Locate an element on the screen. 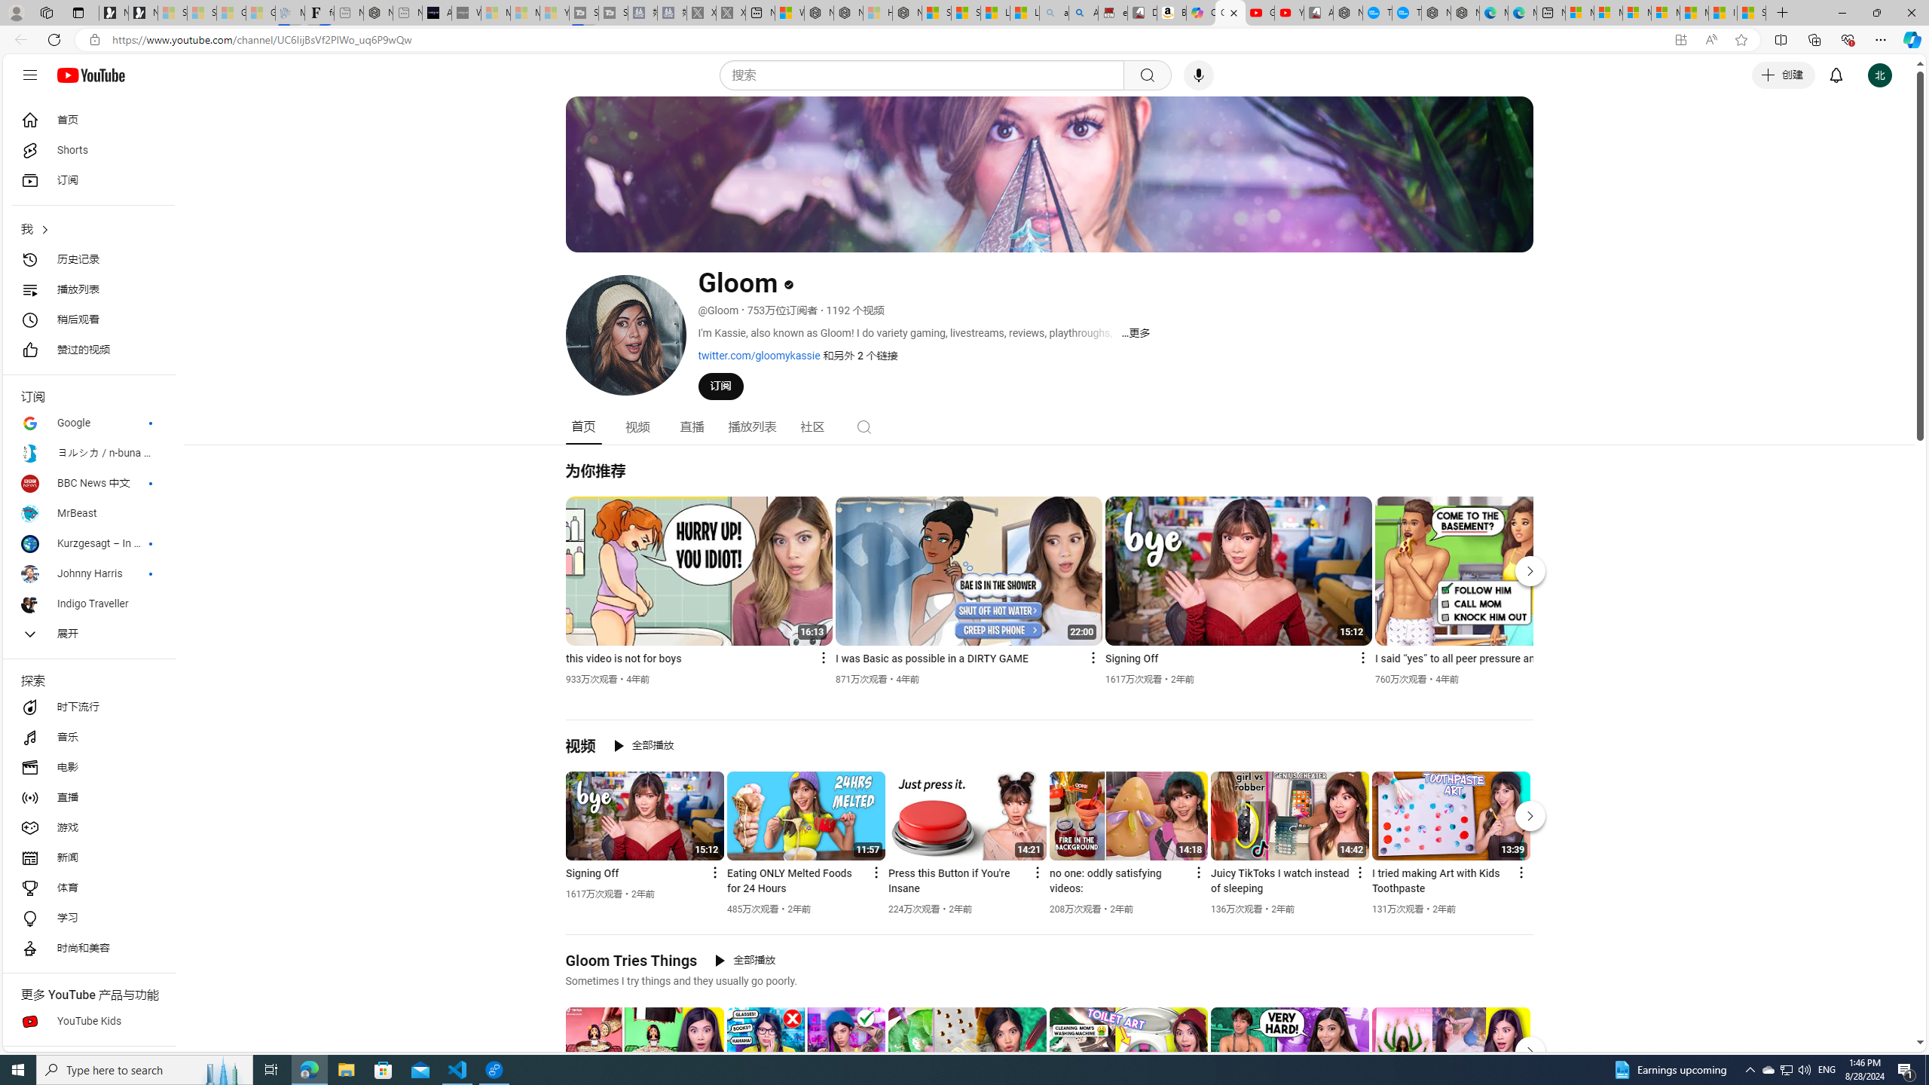 The width and height of the screenshot is (1929, 1085). 'Shorts' is located at coordinates (88, 150).